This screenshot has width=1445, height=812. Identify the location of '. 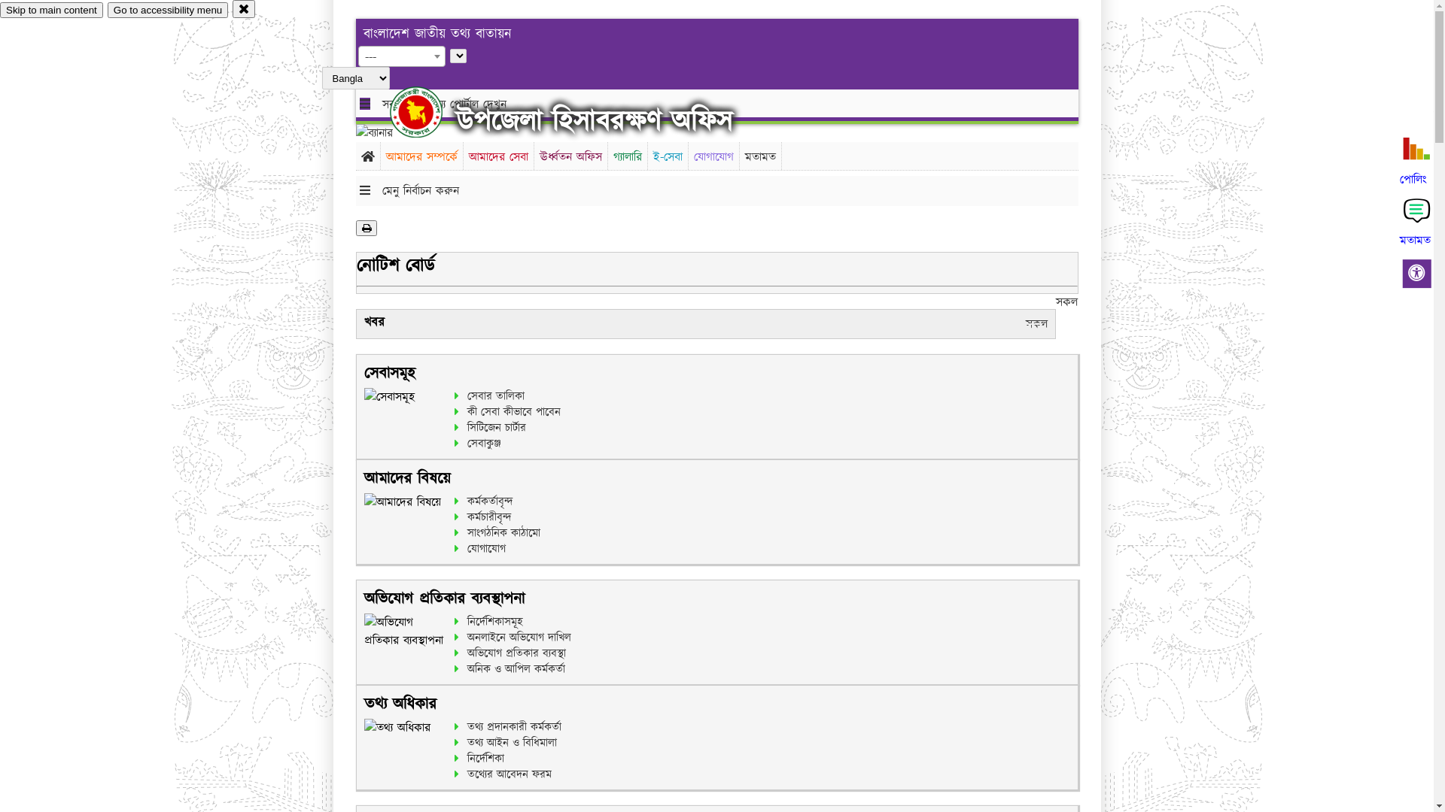
(428, 111).